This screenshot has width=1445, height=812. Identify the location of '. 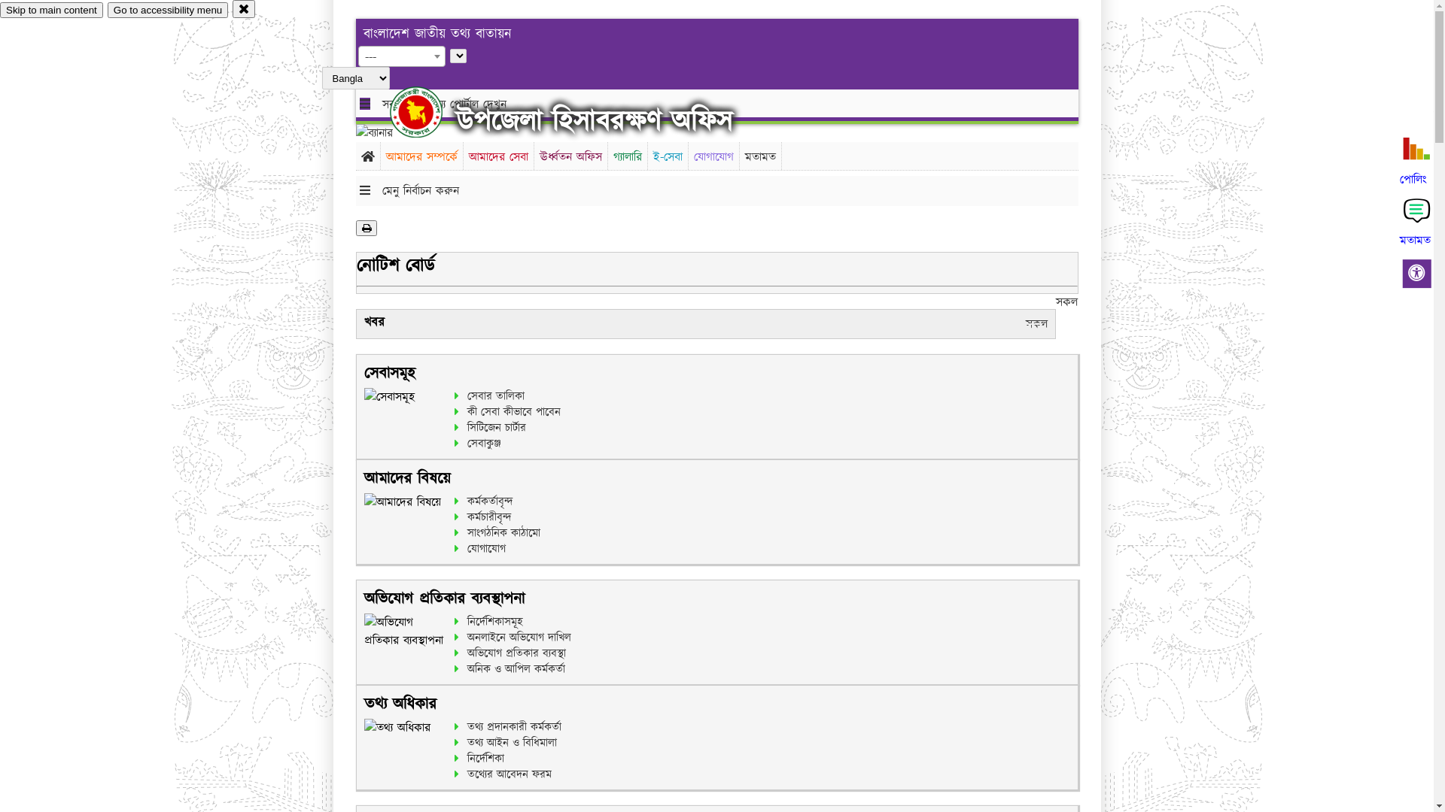
(428, 111).